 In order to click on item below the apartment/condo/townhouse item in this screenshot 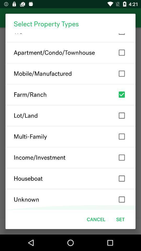, I will do `click(70, 73)`.